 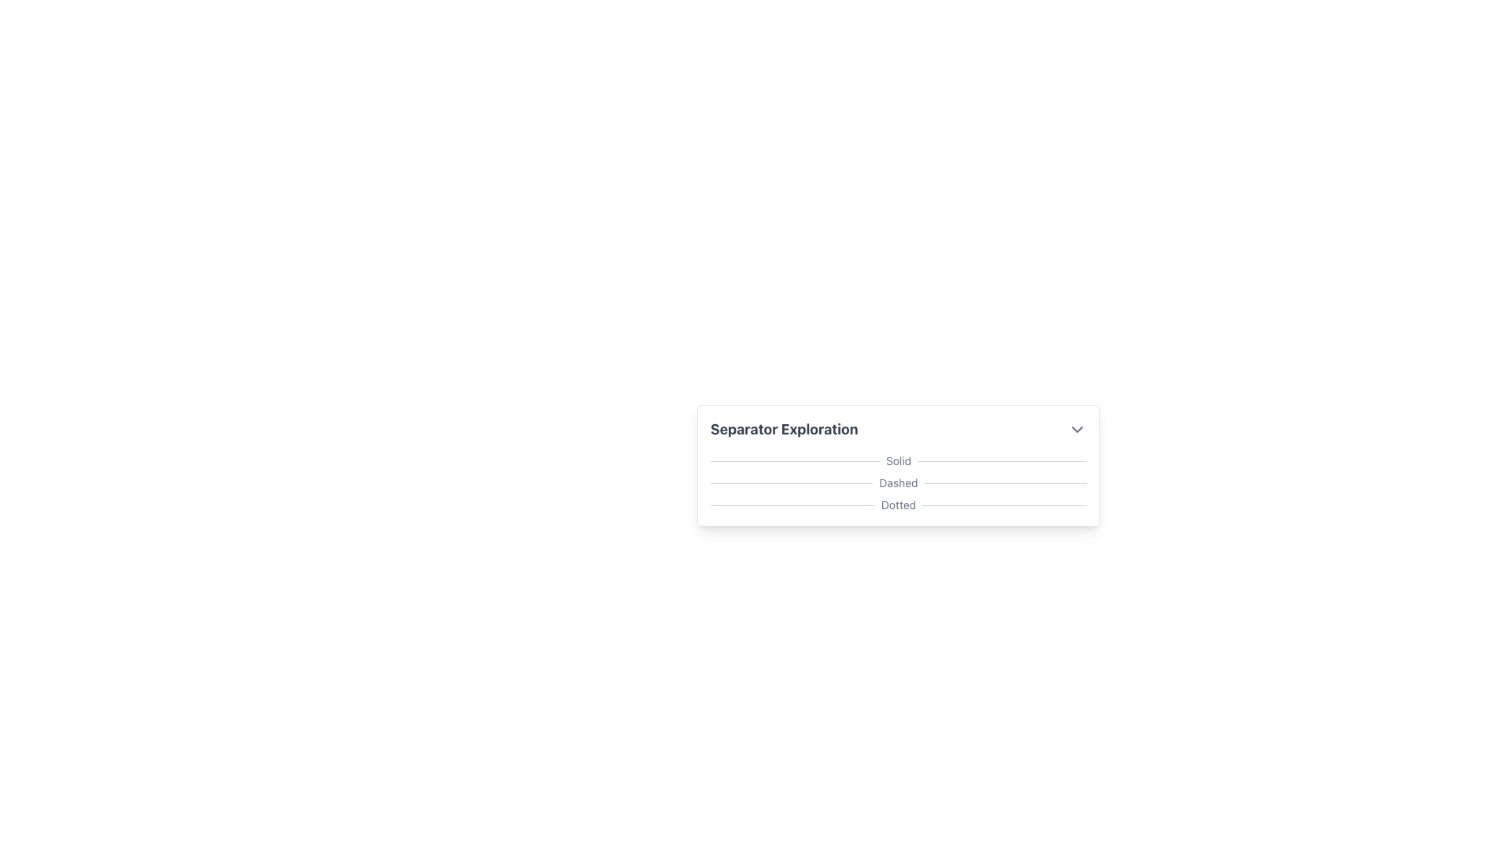 What do you see at coordinates (899, 504) in the screenshot?
I see `the Text label indicating the section or mode within the 'Separator Exploration' dropdown, which is centrally positioned between two horizontal dotted lines` at bounding box center [899, 504].